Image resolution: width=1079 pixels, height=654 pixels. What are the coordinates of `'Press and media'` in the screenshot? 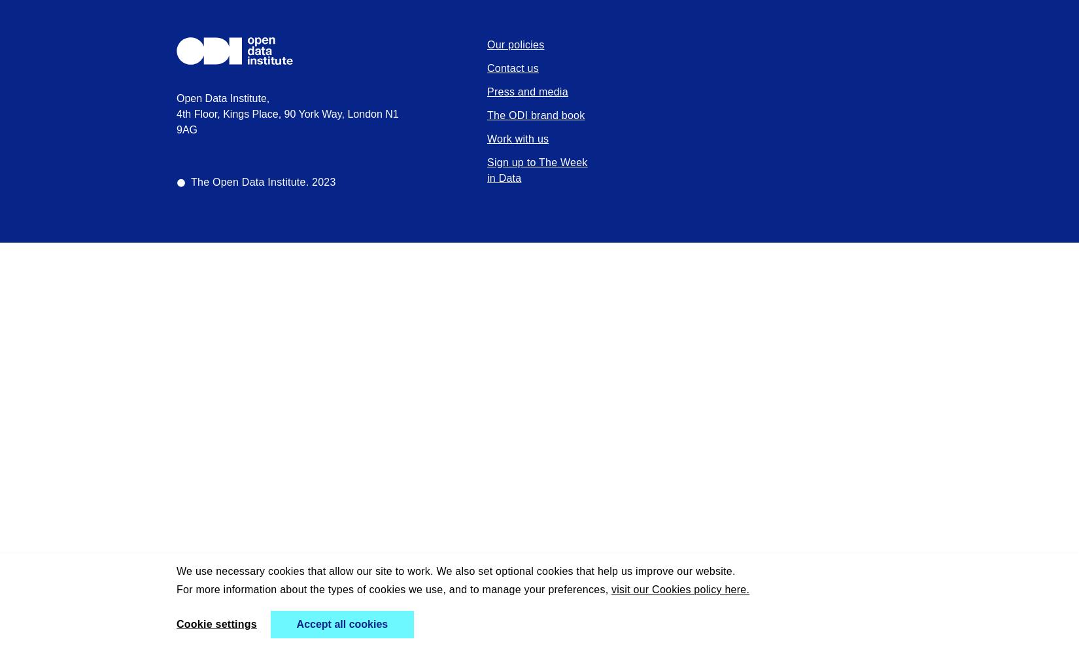 It's located at (526, 92).